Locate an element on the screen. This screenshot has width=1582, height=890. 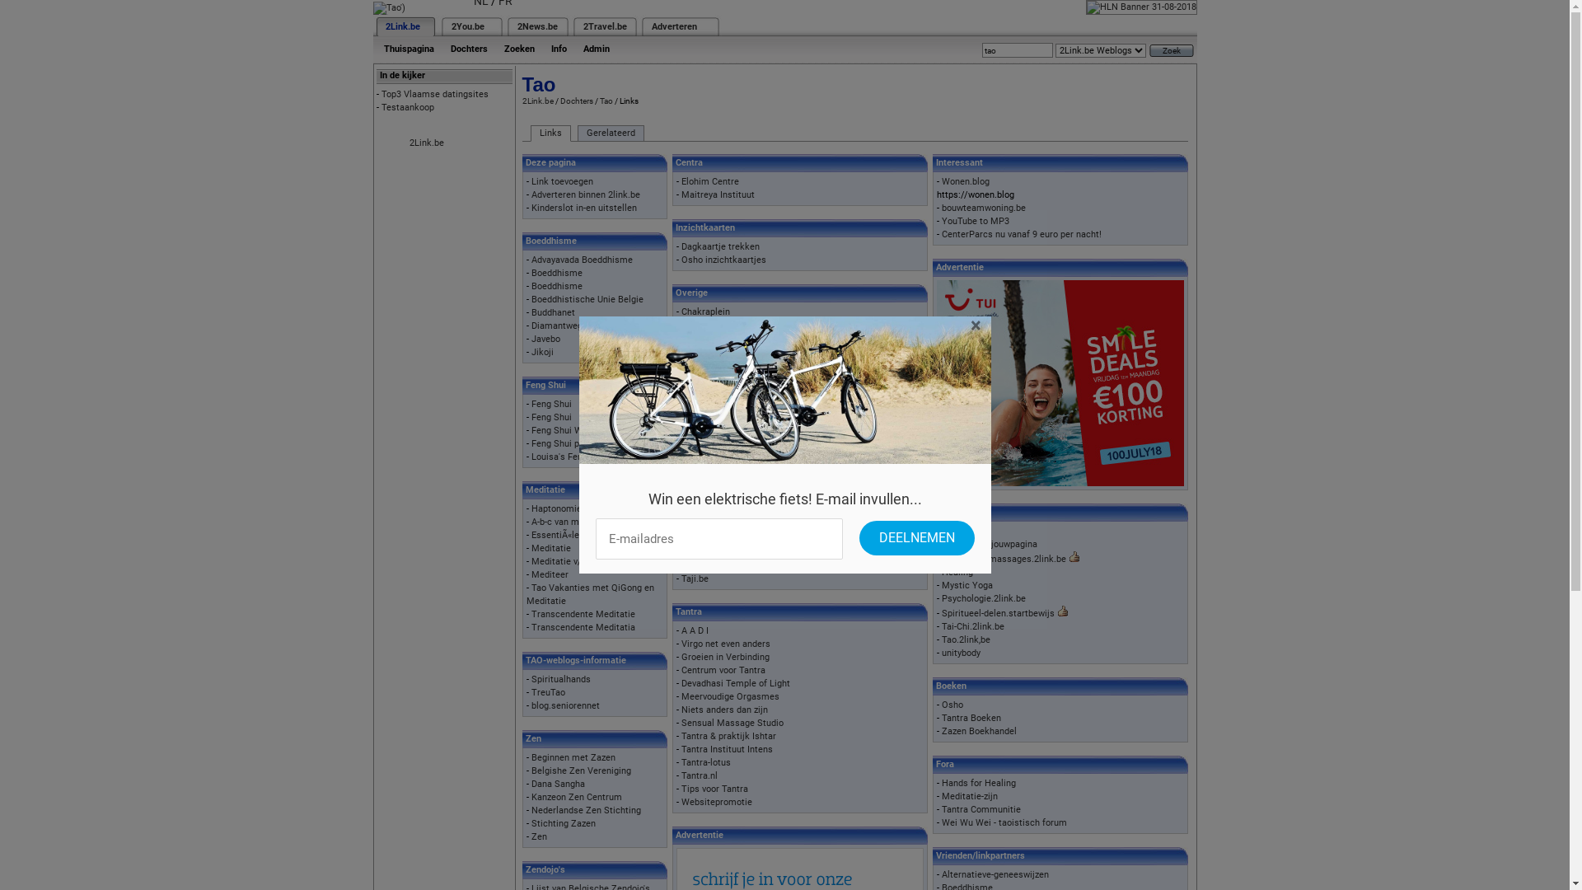
'Maitreya Instituut' is located at coordinates (717, 194).